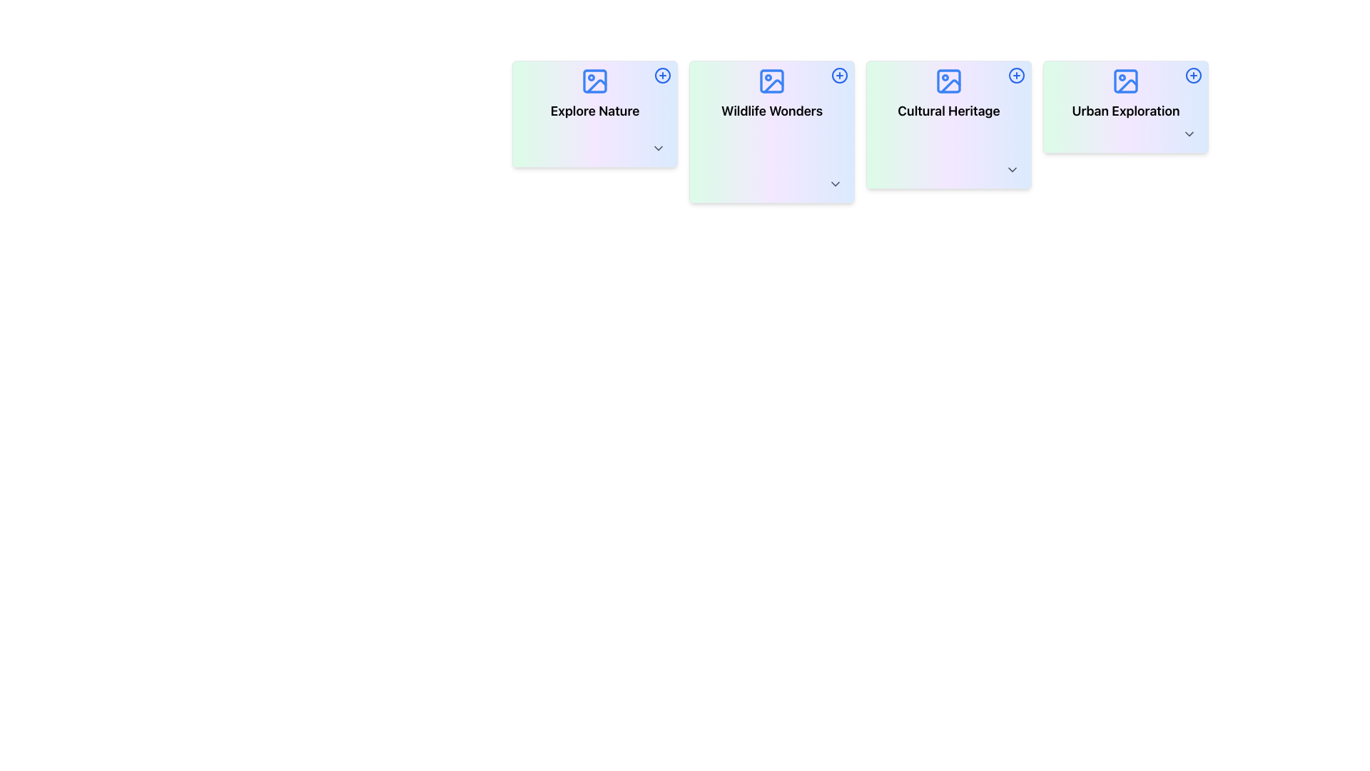 This screenshot has height=771, width=1370. Describe the element at coordinates (1016, 75) in the screenshot. I see `the button located in the top-right corner of the 'Cultural Heritage' tile` at that location.